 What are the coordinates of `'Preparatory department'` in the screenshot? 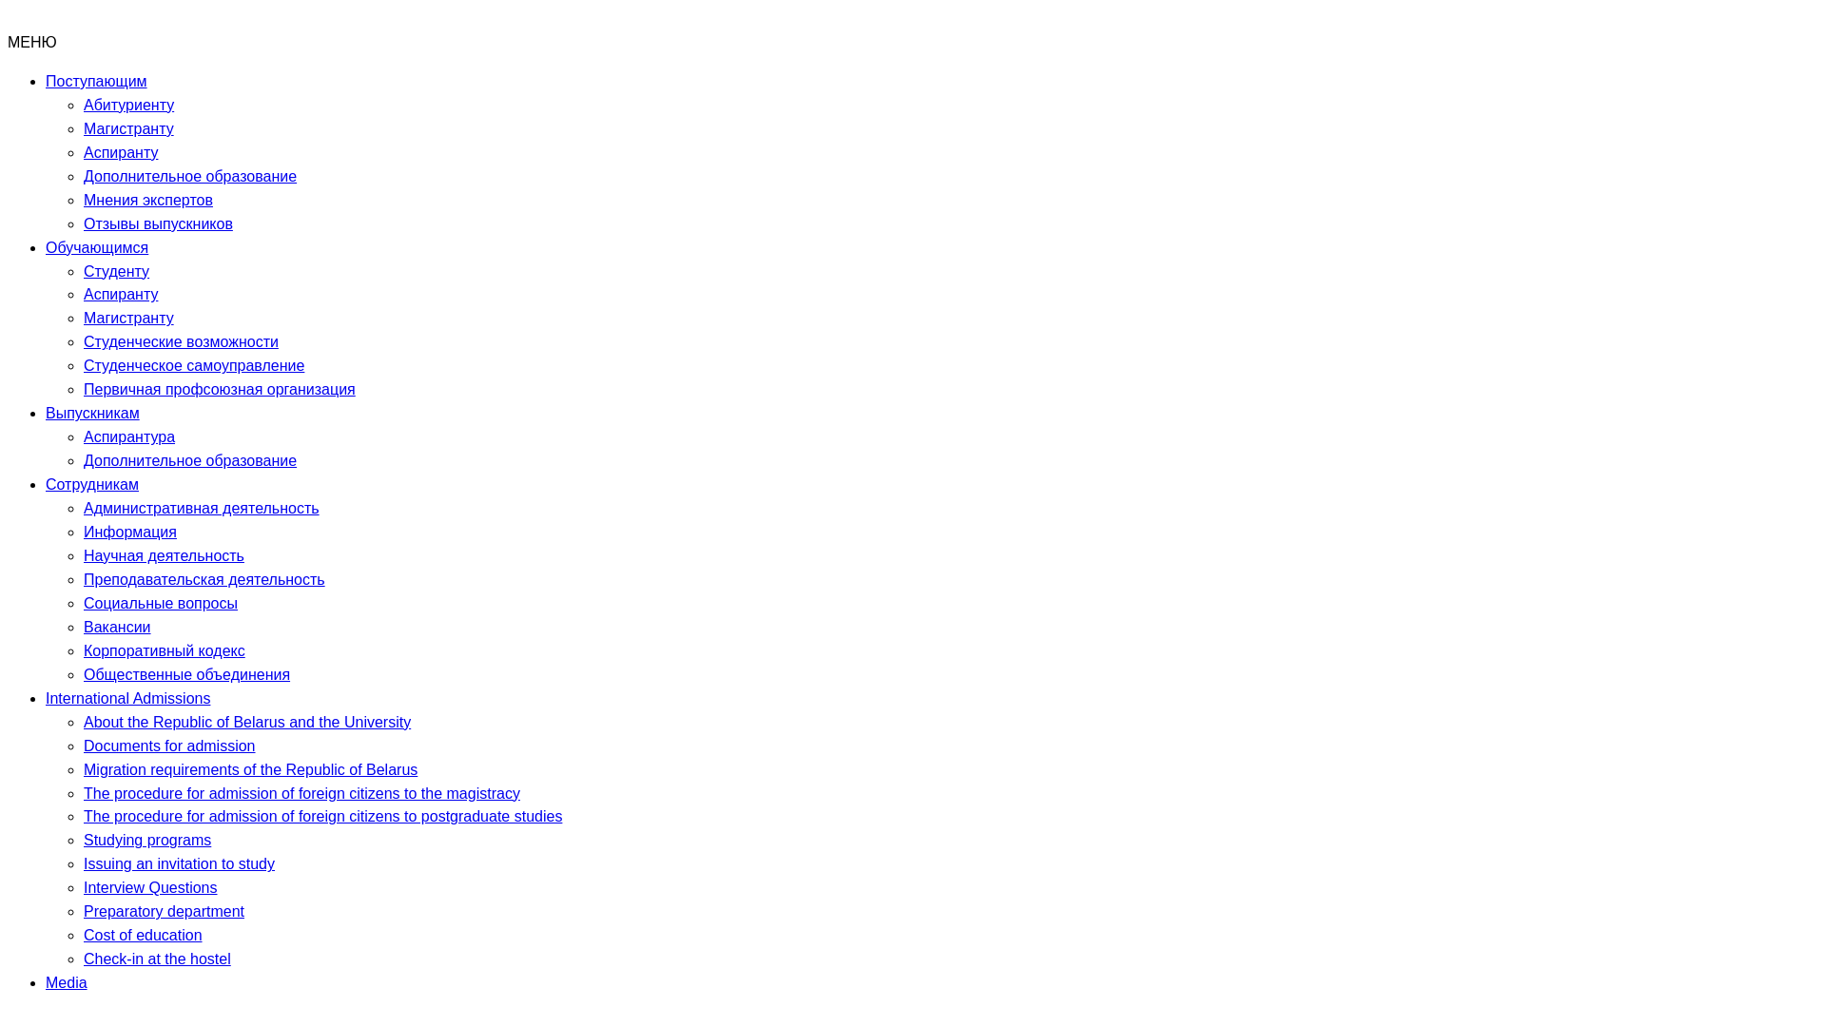 It's located at (164, 910).